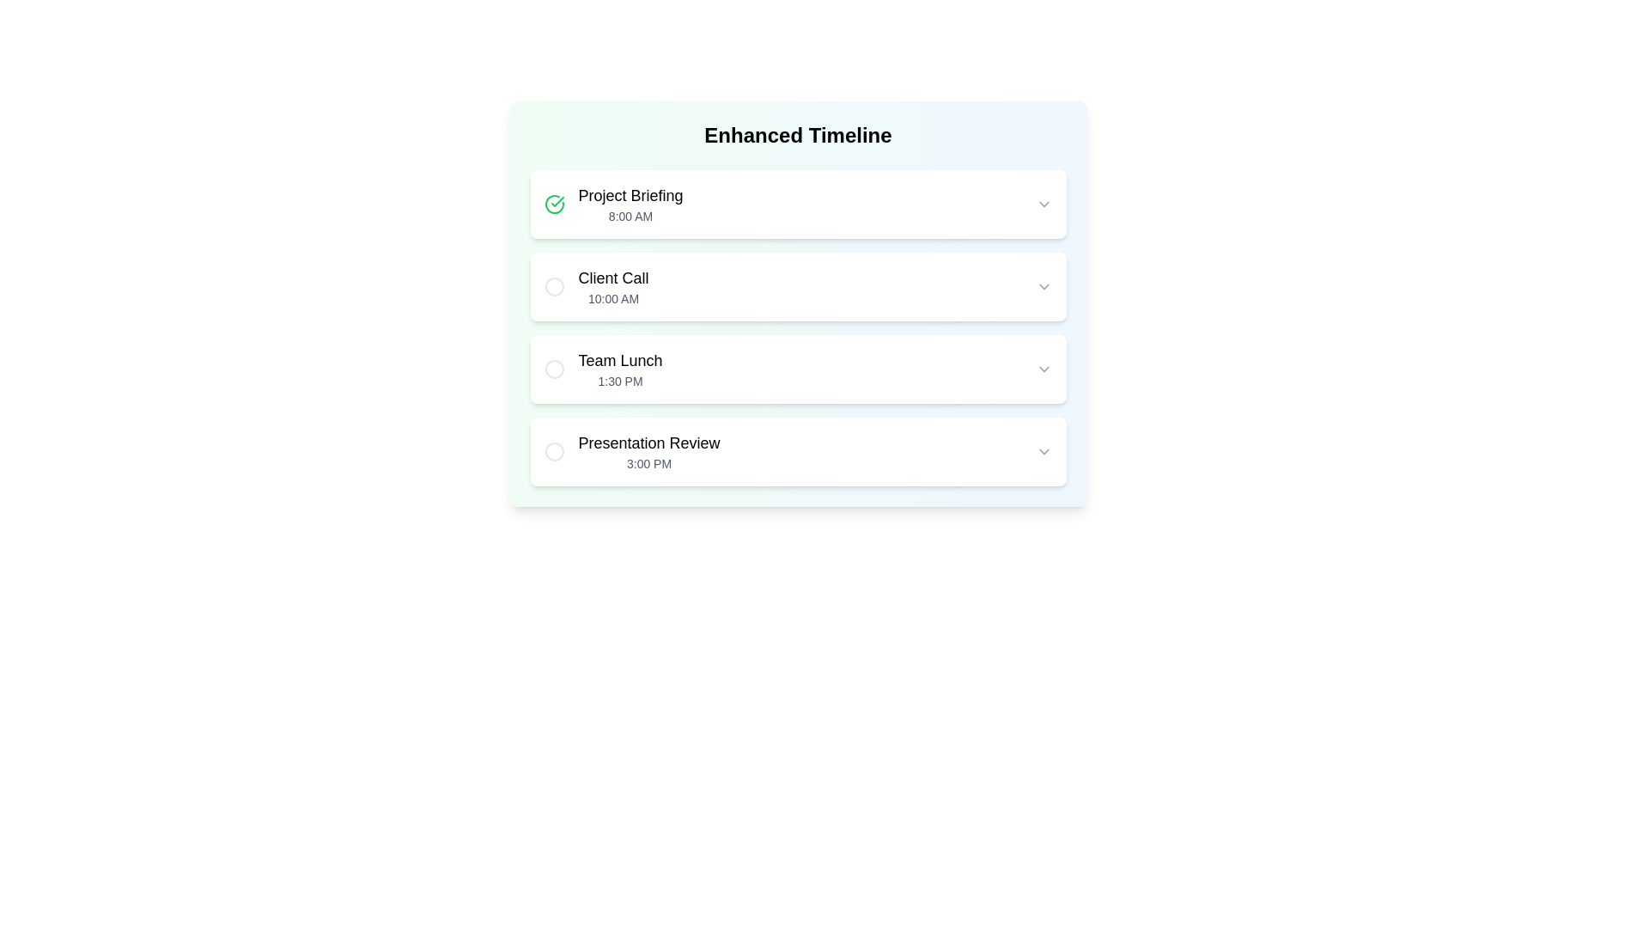  I want to click on the 'Presentation Review' text element, which is the fourth item in a vertical list, featuring a bold title and a smaller gray time indication, so click(648, 450).